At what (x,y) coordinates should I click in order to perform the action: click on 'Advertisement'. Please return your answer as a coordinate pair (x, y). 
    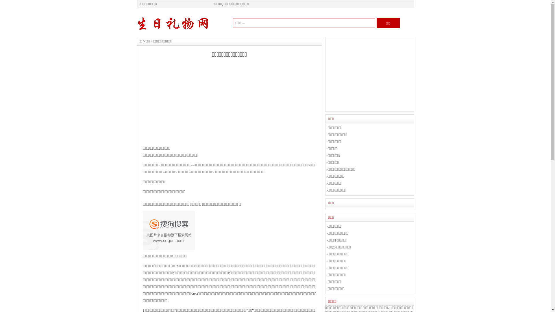
    Looking at the image, I should click on (369, 74).